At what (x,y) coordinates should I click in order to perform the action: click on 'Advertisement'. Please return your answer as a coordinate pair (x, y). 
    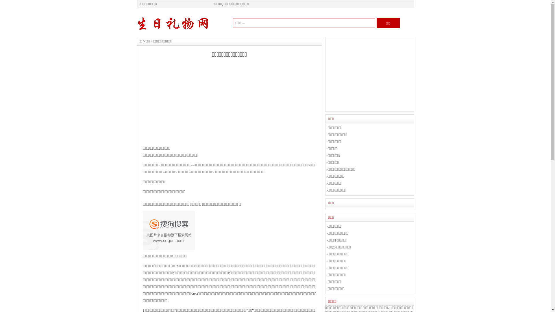
    Looking at the image, I should click on (369, 74).